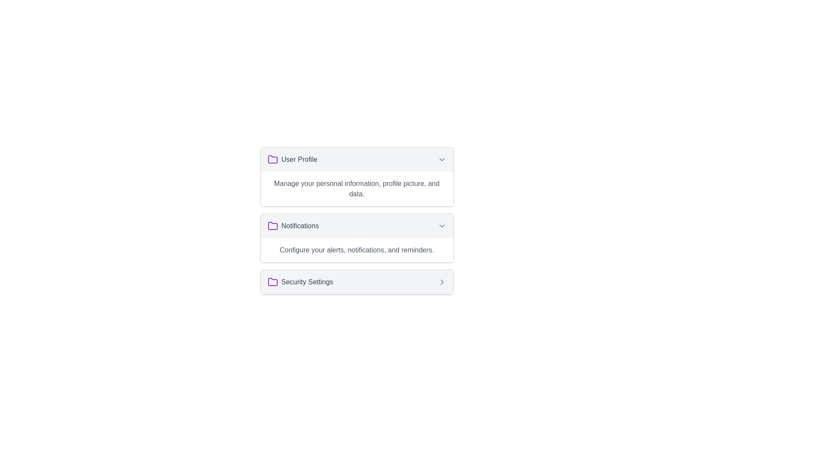  Describe the element at coordinates (357, 189) in the screenshot. I see `the descriptive text block located beneath the 'User Profile' title within the bordered card` at that location.